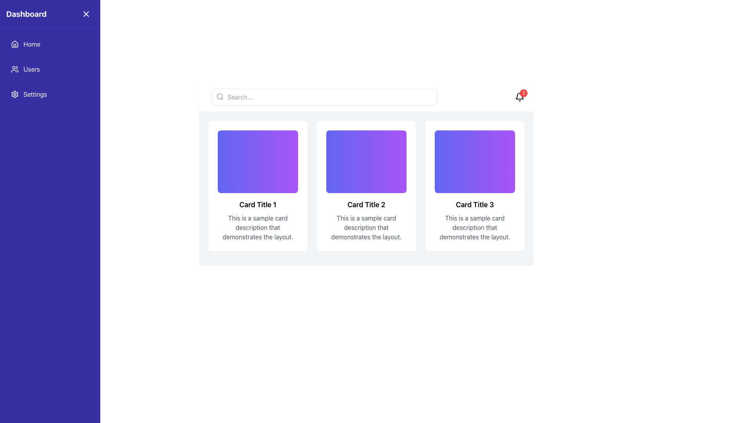 The image size is (752, 423). I want to click on the first card-like decorative block with a gradient background transitioning from indigo to purple, located above the title 'Card Title 1' in the leftmost card of a horizontal set of three cards, so click(258, 161).